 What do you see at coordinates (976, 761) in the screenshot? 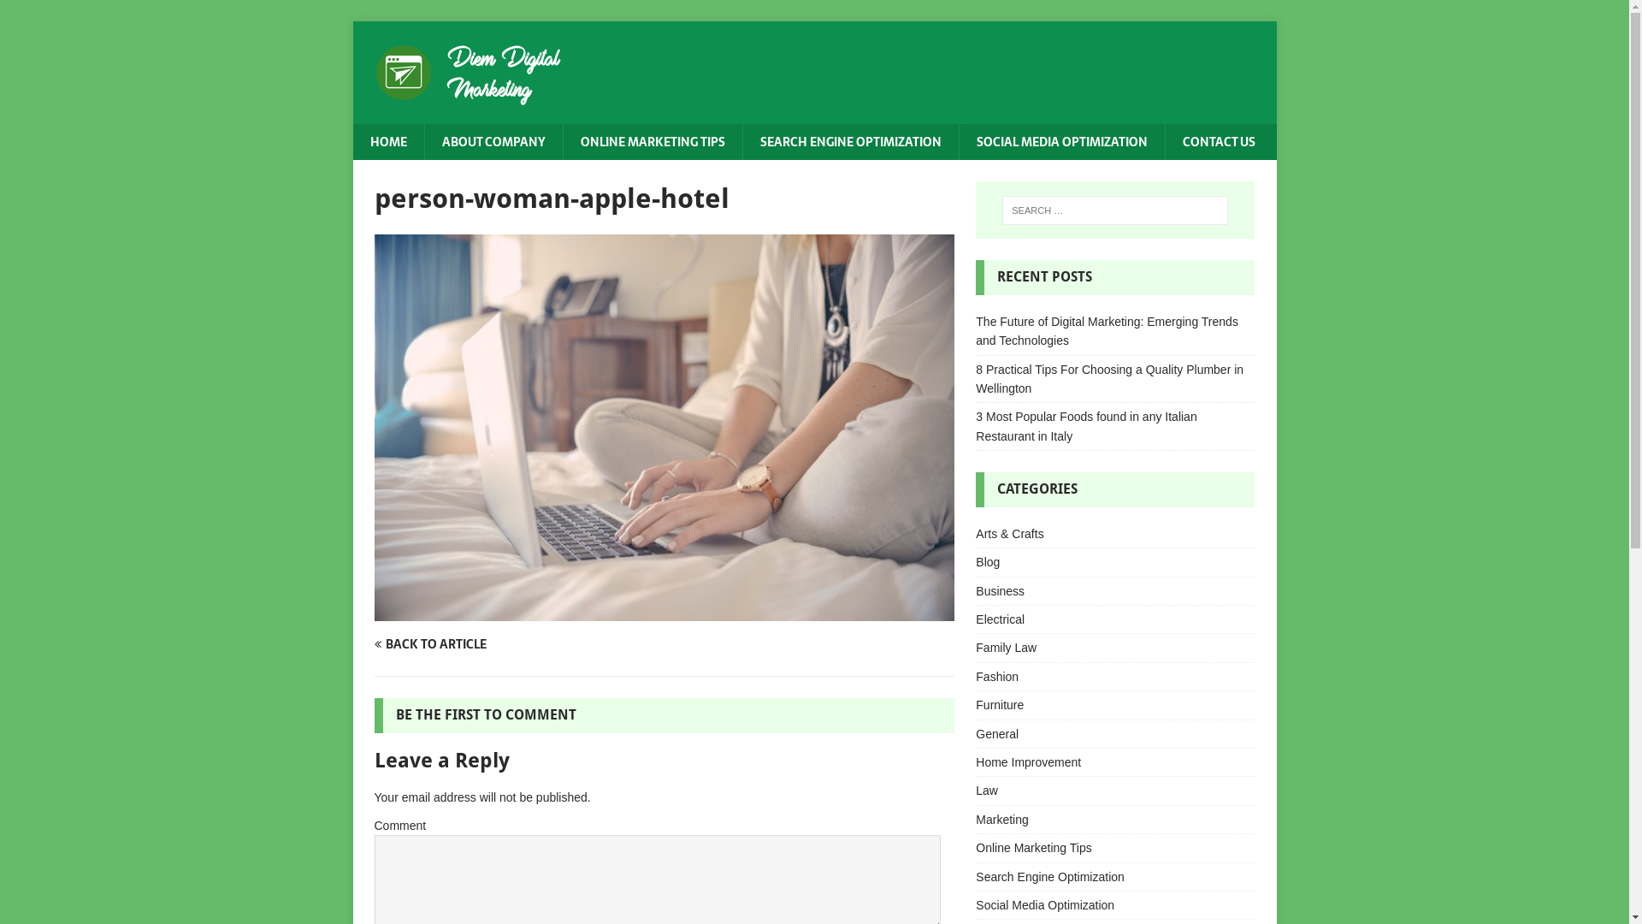
I see `'Home Improvement'` at bounding box center [976, 761].